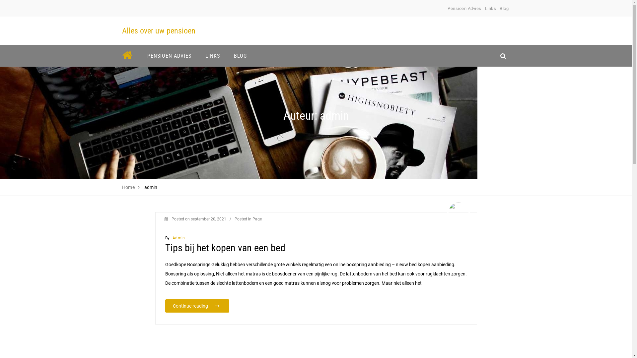 The image size is (637, 358). Describe the element at coordinates (213, 55) in the screenshot. I see `'LINKS'` at that location.